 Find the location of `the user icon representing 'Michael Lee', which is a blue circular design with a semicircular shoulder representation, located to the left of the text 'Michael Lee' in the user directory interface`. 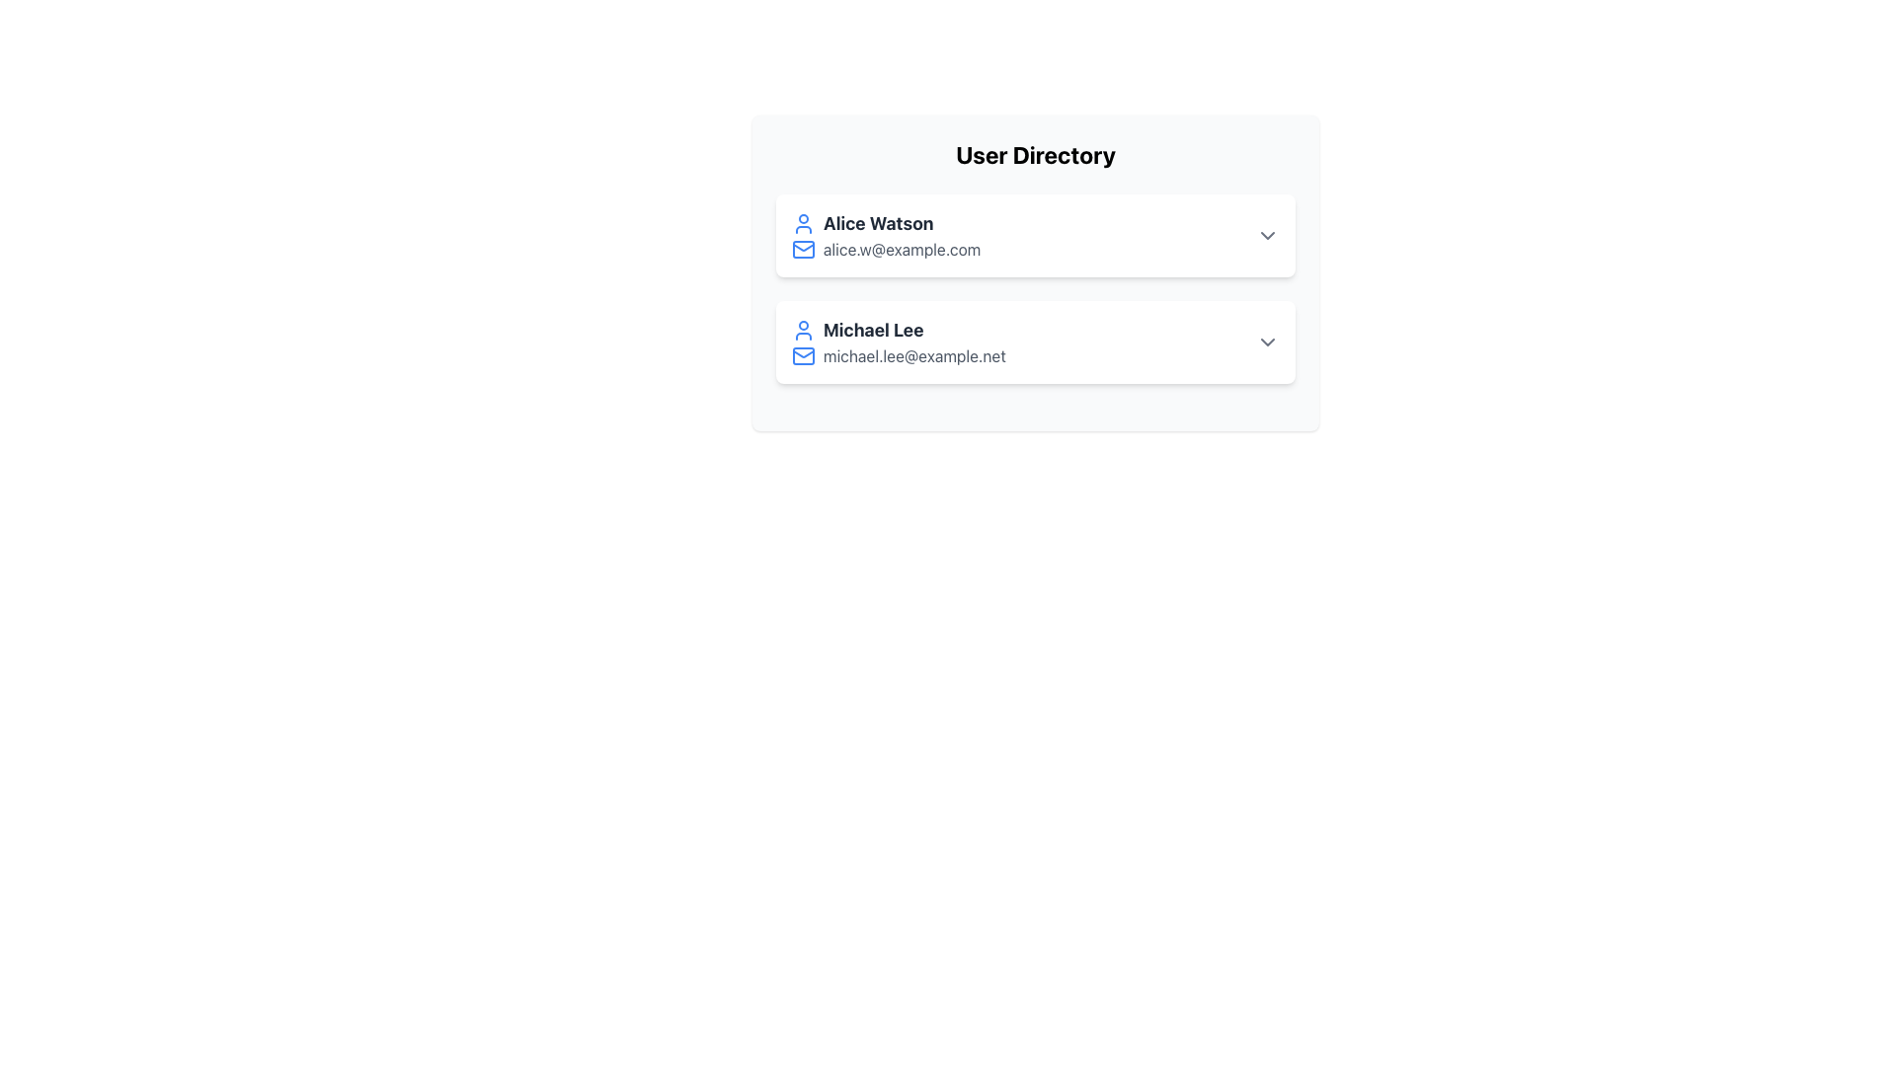

the user icon representing 'Michael Lee', which is a blue circular design with a semicircular shoulder representation, located to the left of the text 'Michael Lee' in the user directory interface is located at coordinates (804, 330).